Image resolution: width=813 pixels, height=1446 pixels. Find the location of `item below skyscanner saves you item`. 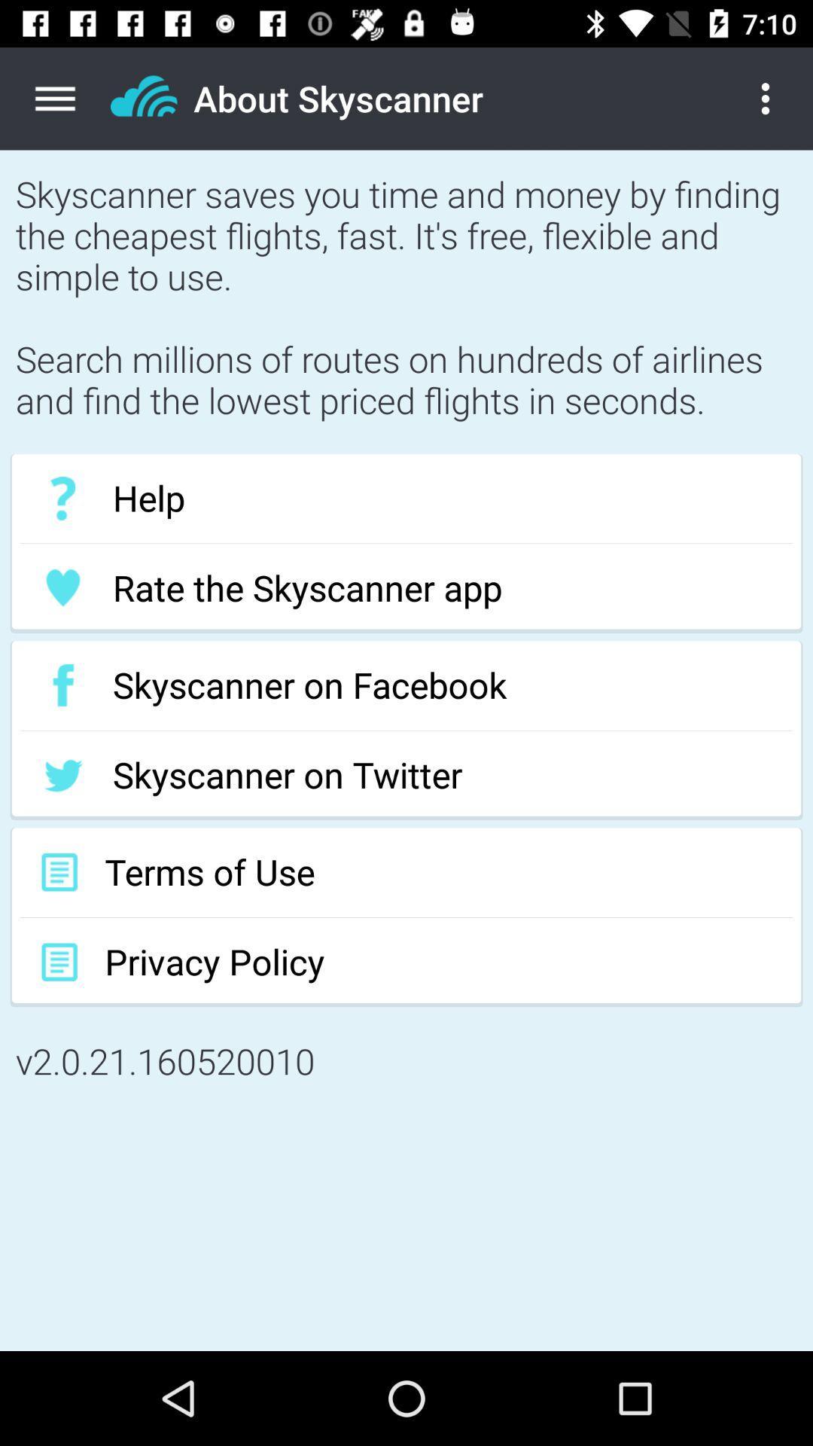

item below skyscanner saves you item is located at coordinates (406, 499).